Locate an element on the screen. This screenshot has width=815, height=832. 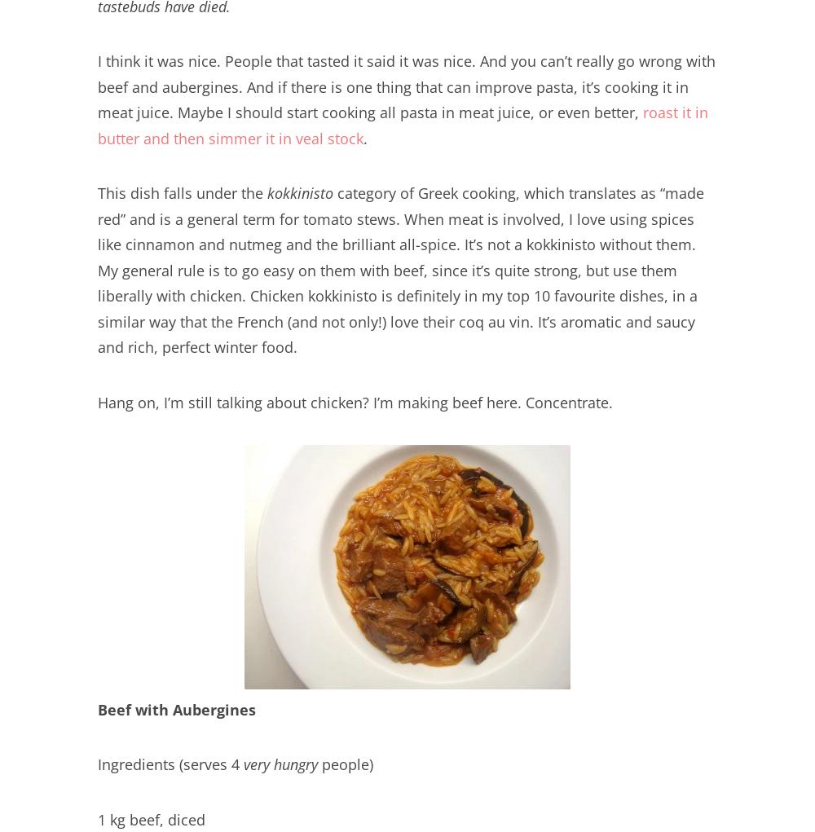
'Ingredients (serves 4' is located at coordinates (170, 764).